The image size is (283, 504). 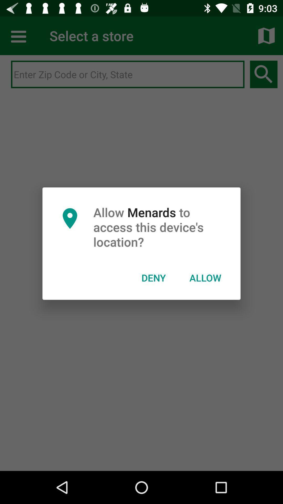 I want to click on advertisement, so click(x=128, y=74).